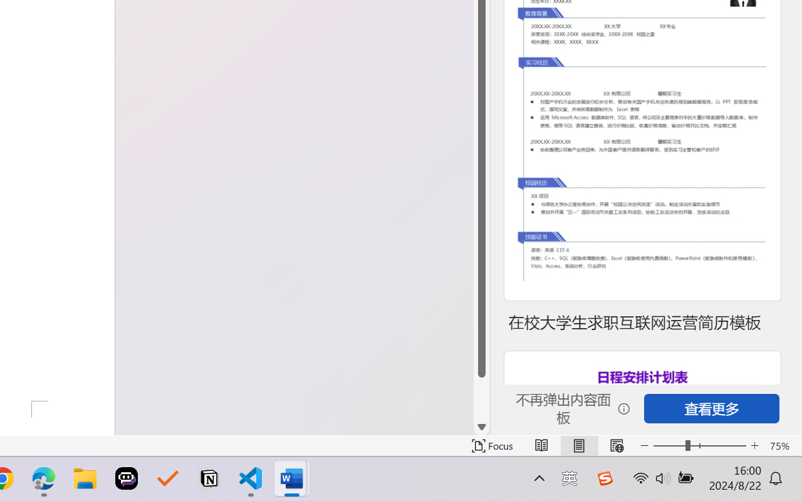  What do you see at coordinates (578, 445) in the screenshot?
I see `'Print Layout'` at bounding box center [578, 445].